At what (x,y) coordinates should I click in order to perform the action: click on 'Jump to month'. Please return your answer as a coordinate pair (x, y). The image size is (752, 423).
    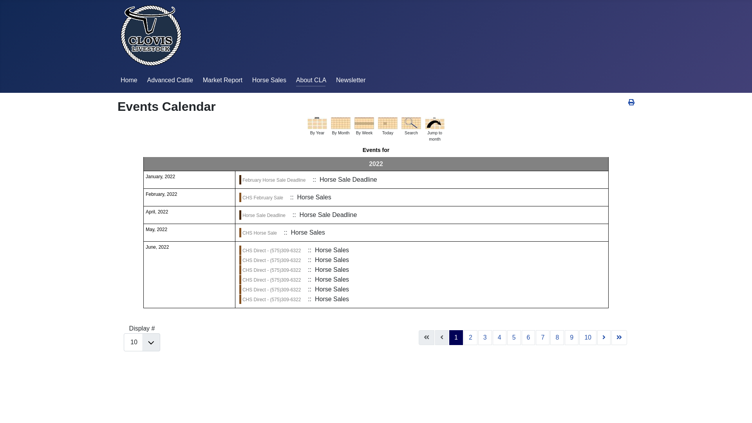
    Looking at the image, I should click on (434, 123).